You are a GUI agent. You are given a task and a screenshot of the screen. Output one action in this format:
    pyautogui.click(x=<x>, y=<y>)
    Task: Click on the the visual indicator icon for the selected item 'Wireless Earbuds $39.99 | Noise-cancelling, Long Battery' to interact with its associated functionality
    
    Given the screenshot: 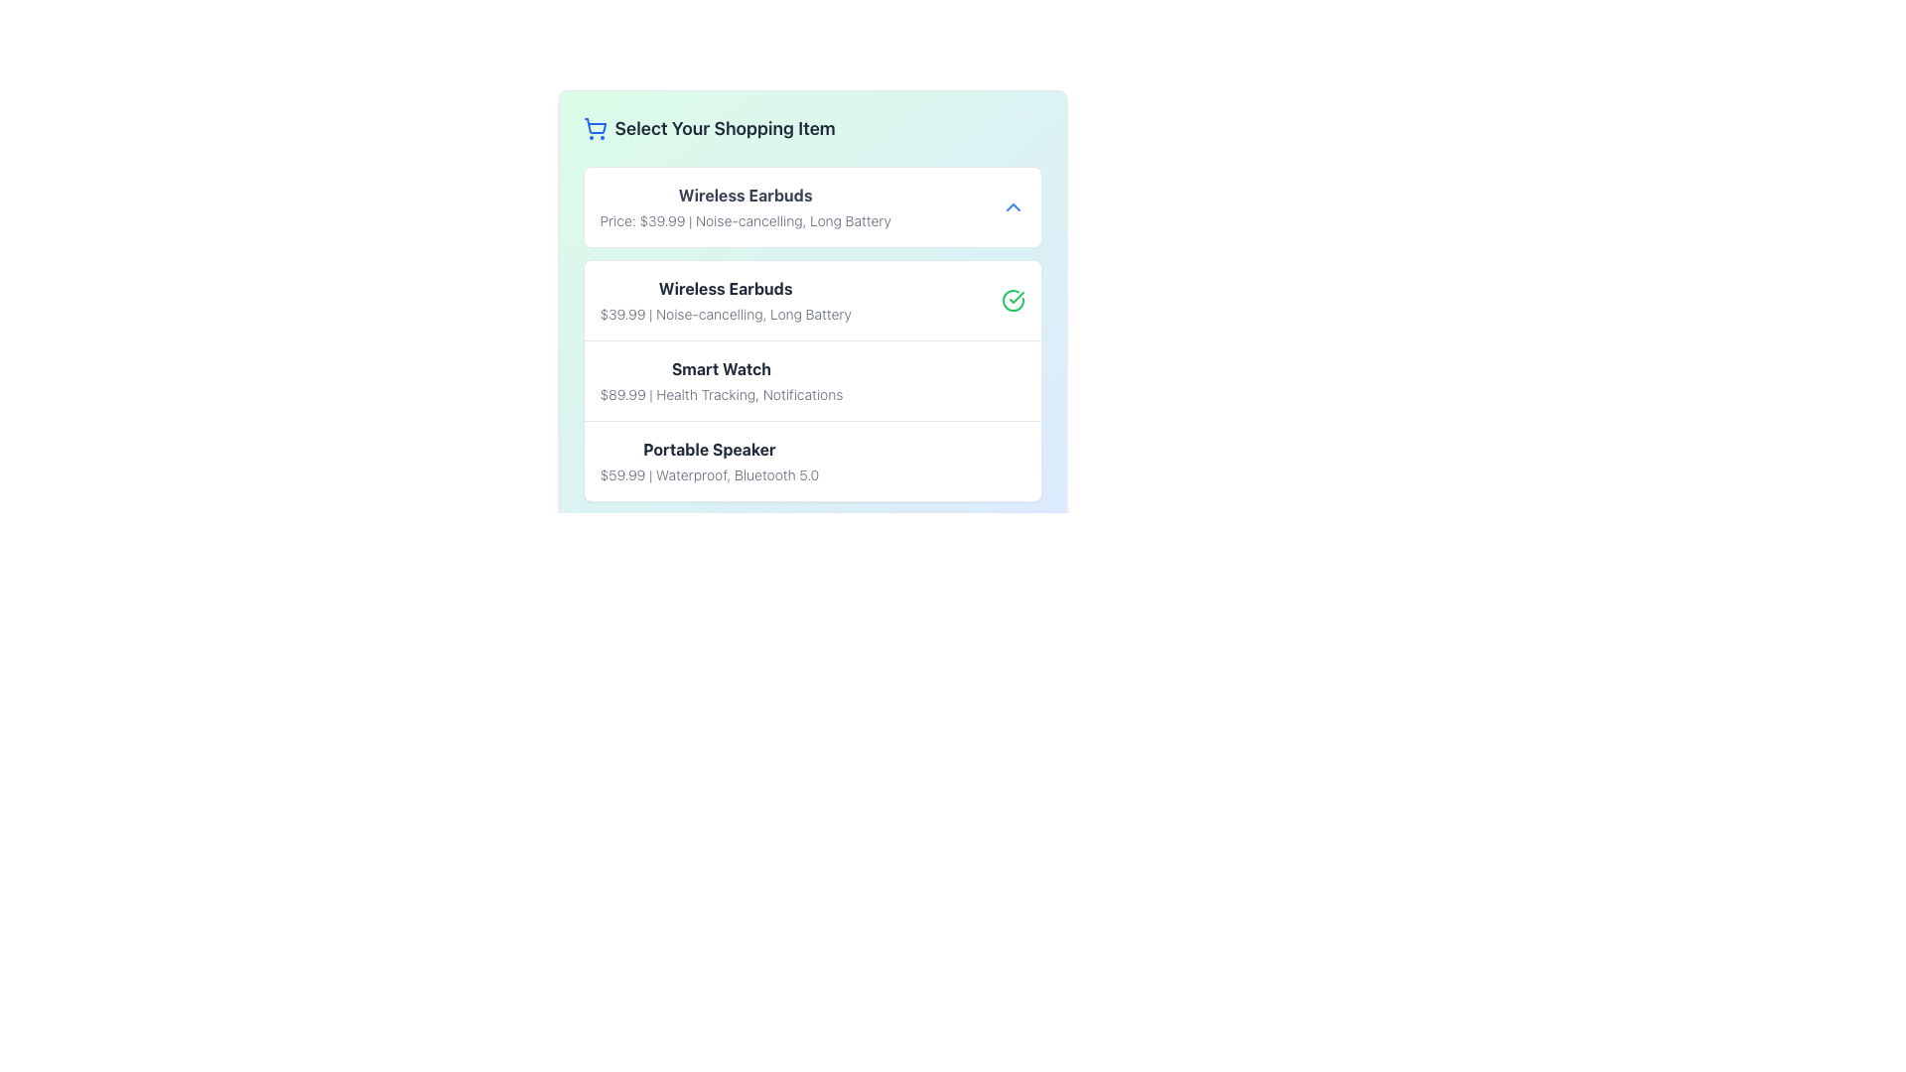 What is the action you would take?
    pyautogui.click(x=1013, y=301)
    